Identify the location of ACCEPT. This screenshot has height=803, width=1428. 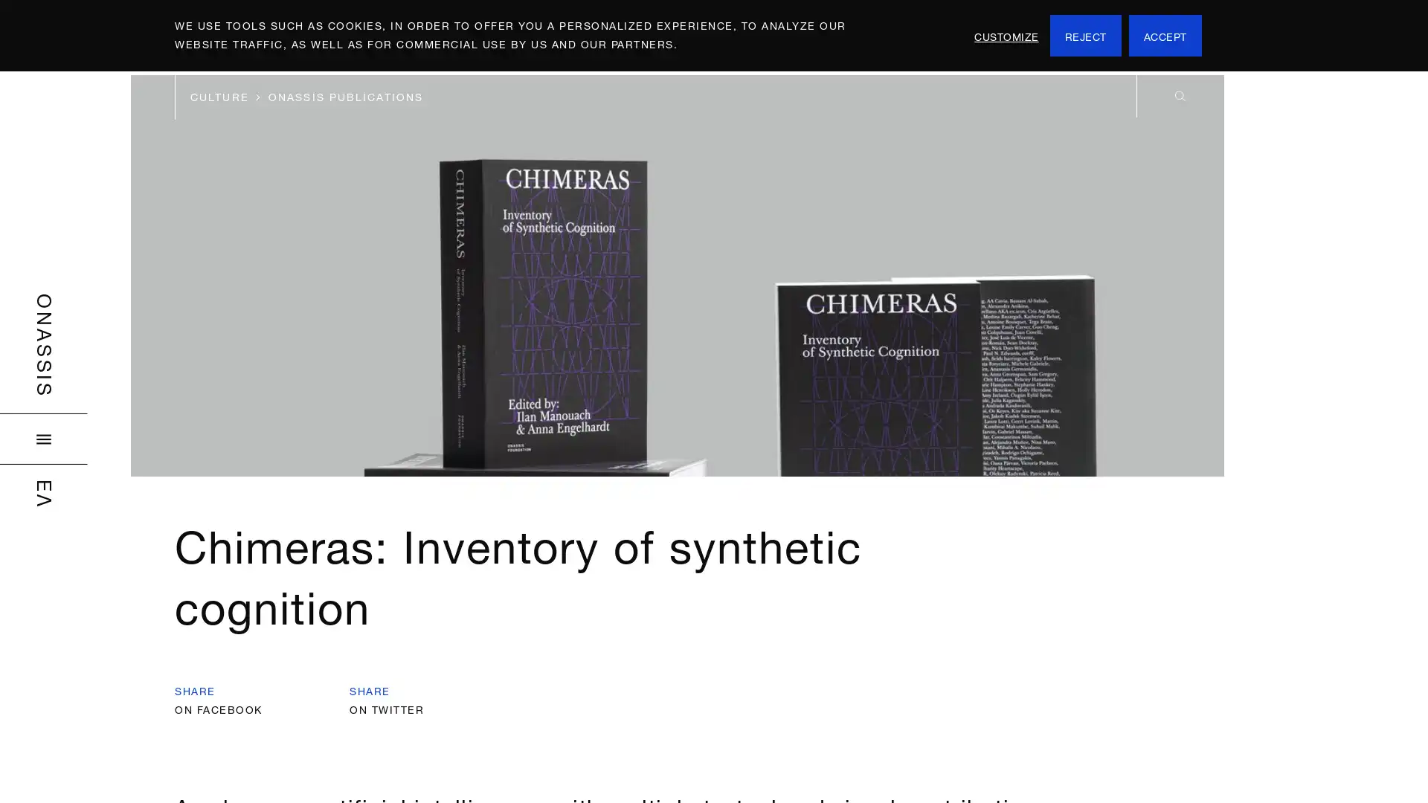
(1163, 34).